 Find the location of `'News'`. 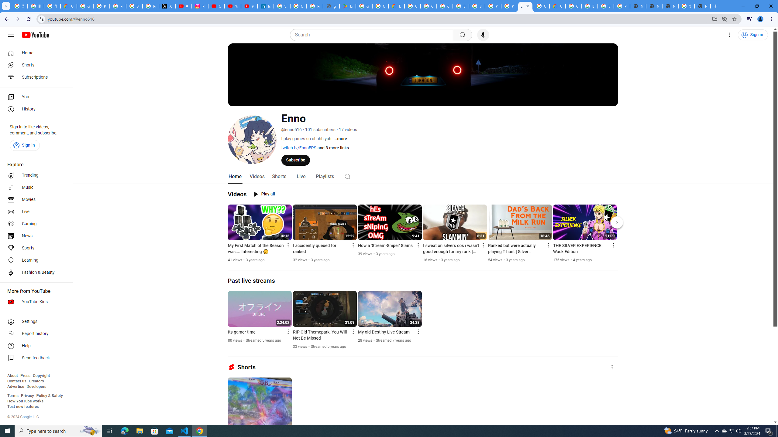

'News' is located at coordinates (34, 236).